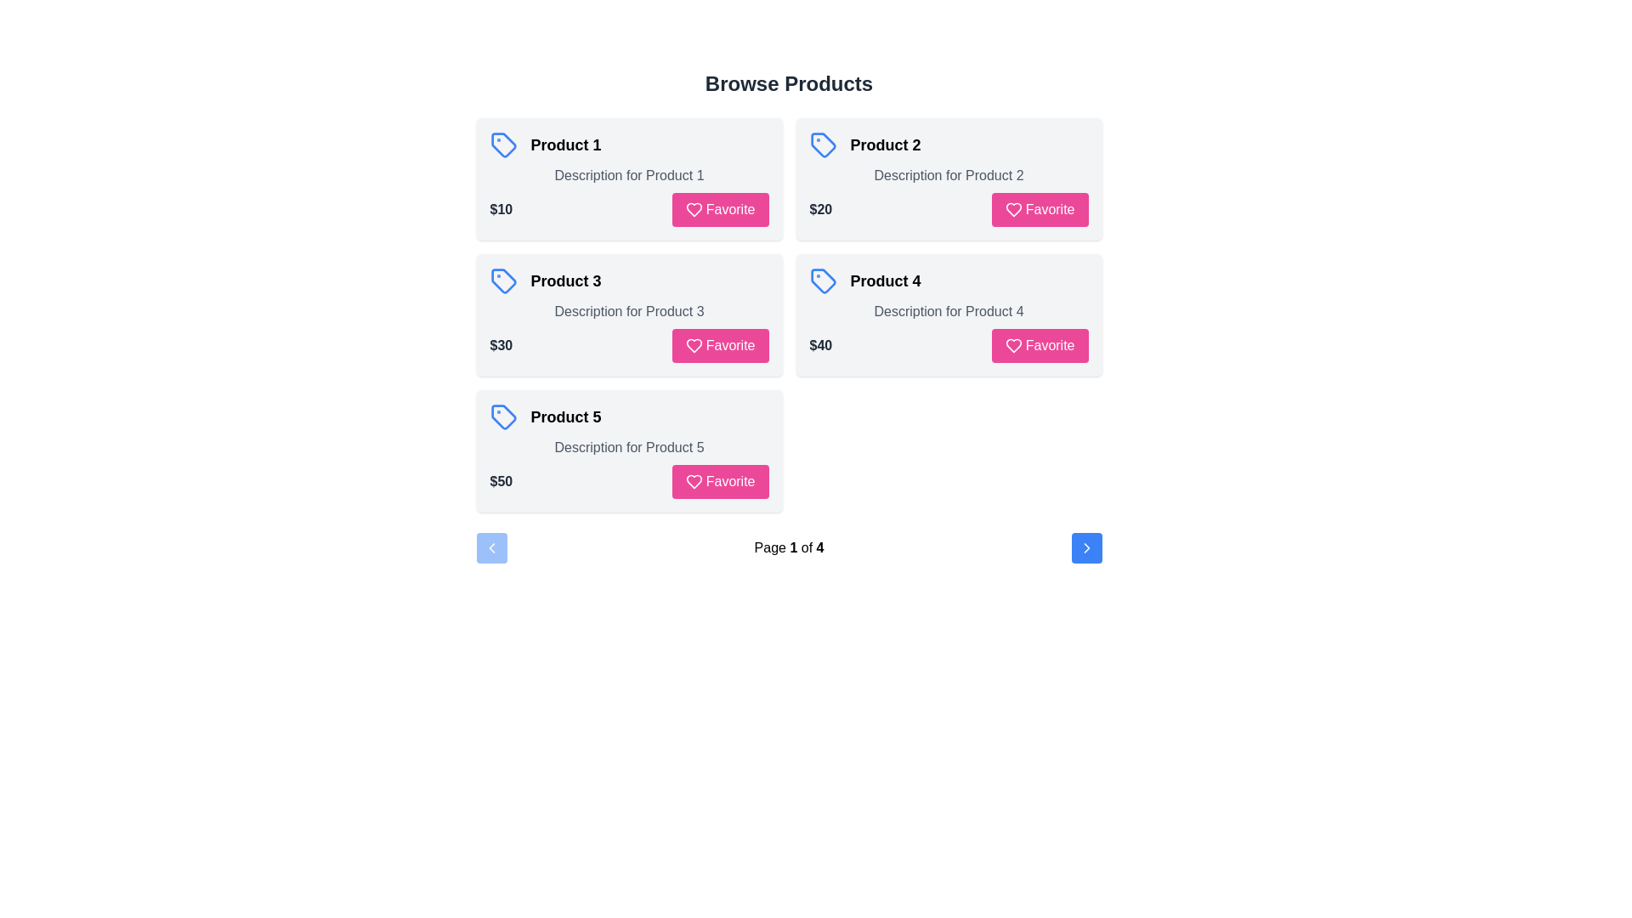 The height and width of the screenshot is (918, 1632). What do you see at coordinates (628, 311) in the screenshot?
I see `the text element that reads 'Description for Product 3', which is styled in gray and positioned within the third product card, below the title 'Product 3' and above the price and 'Favorite' button` at bounding box center [628, 311].